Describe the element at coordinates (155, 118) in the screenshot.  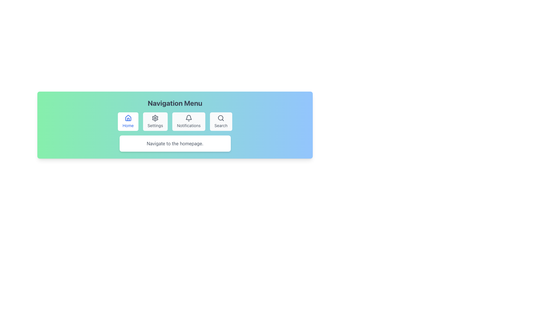
I see `the cogwheel-shaped icon within the 'Settings' button` at that location.